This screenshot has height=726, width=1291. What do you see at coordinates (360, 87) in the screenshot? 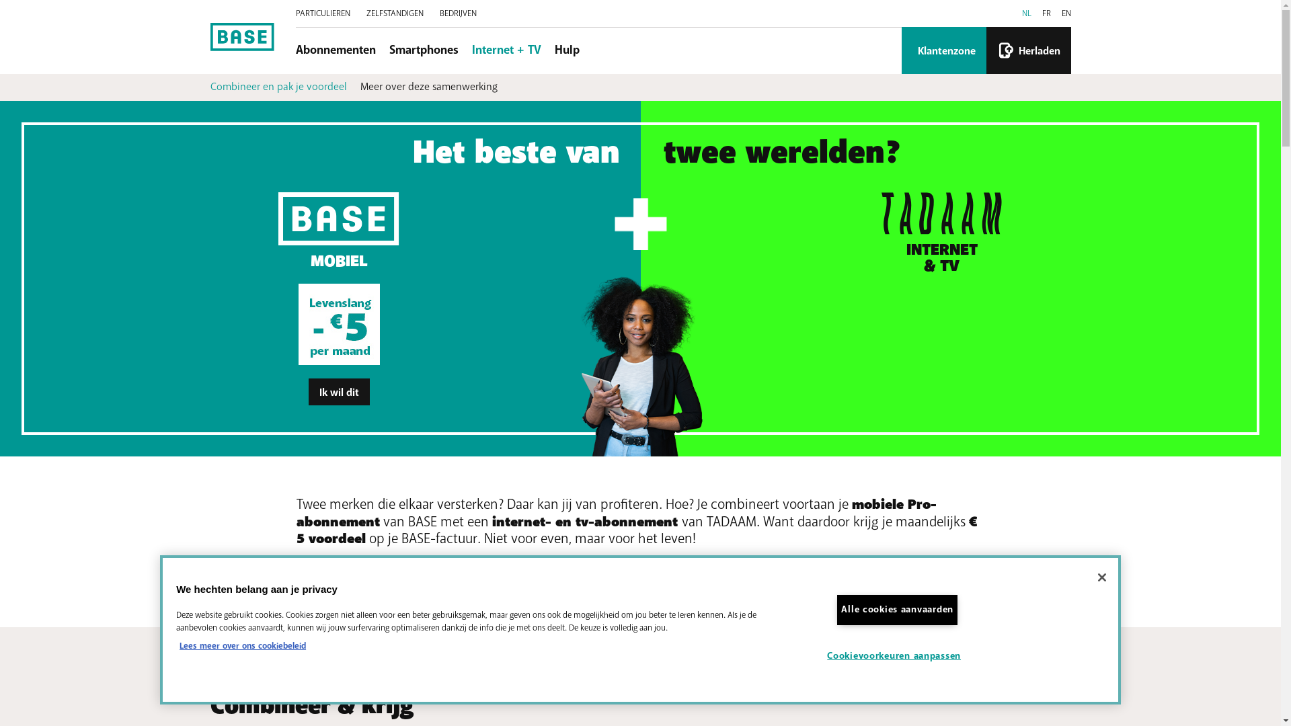
I see `'Meer over deze samenwerking'` at bounding box center [360, 87].